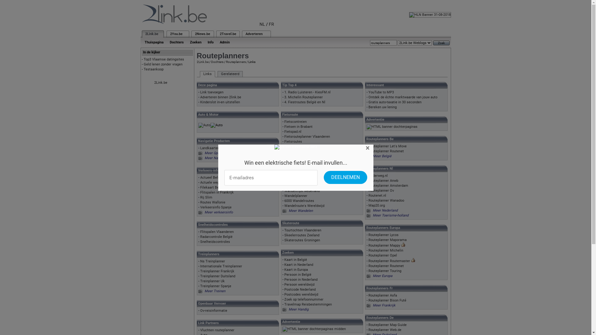  What do you see at coordinates (213, 310) in the screenshot?
I see `'Ov-reisinformatie'` at bounding box center [213, 310].